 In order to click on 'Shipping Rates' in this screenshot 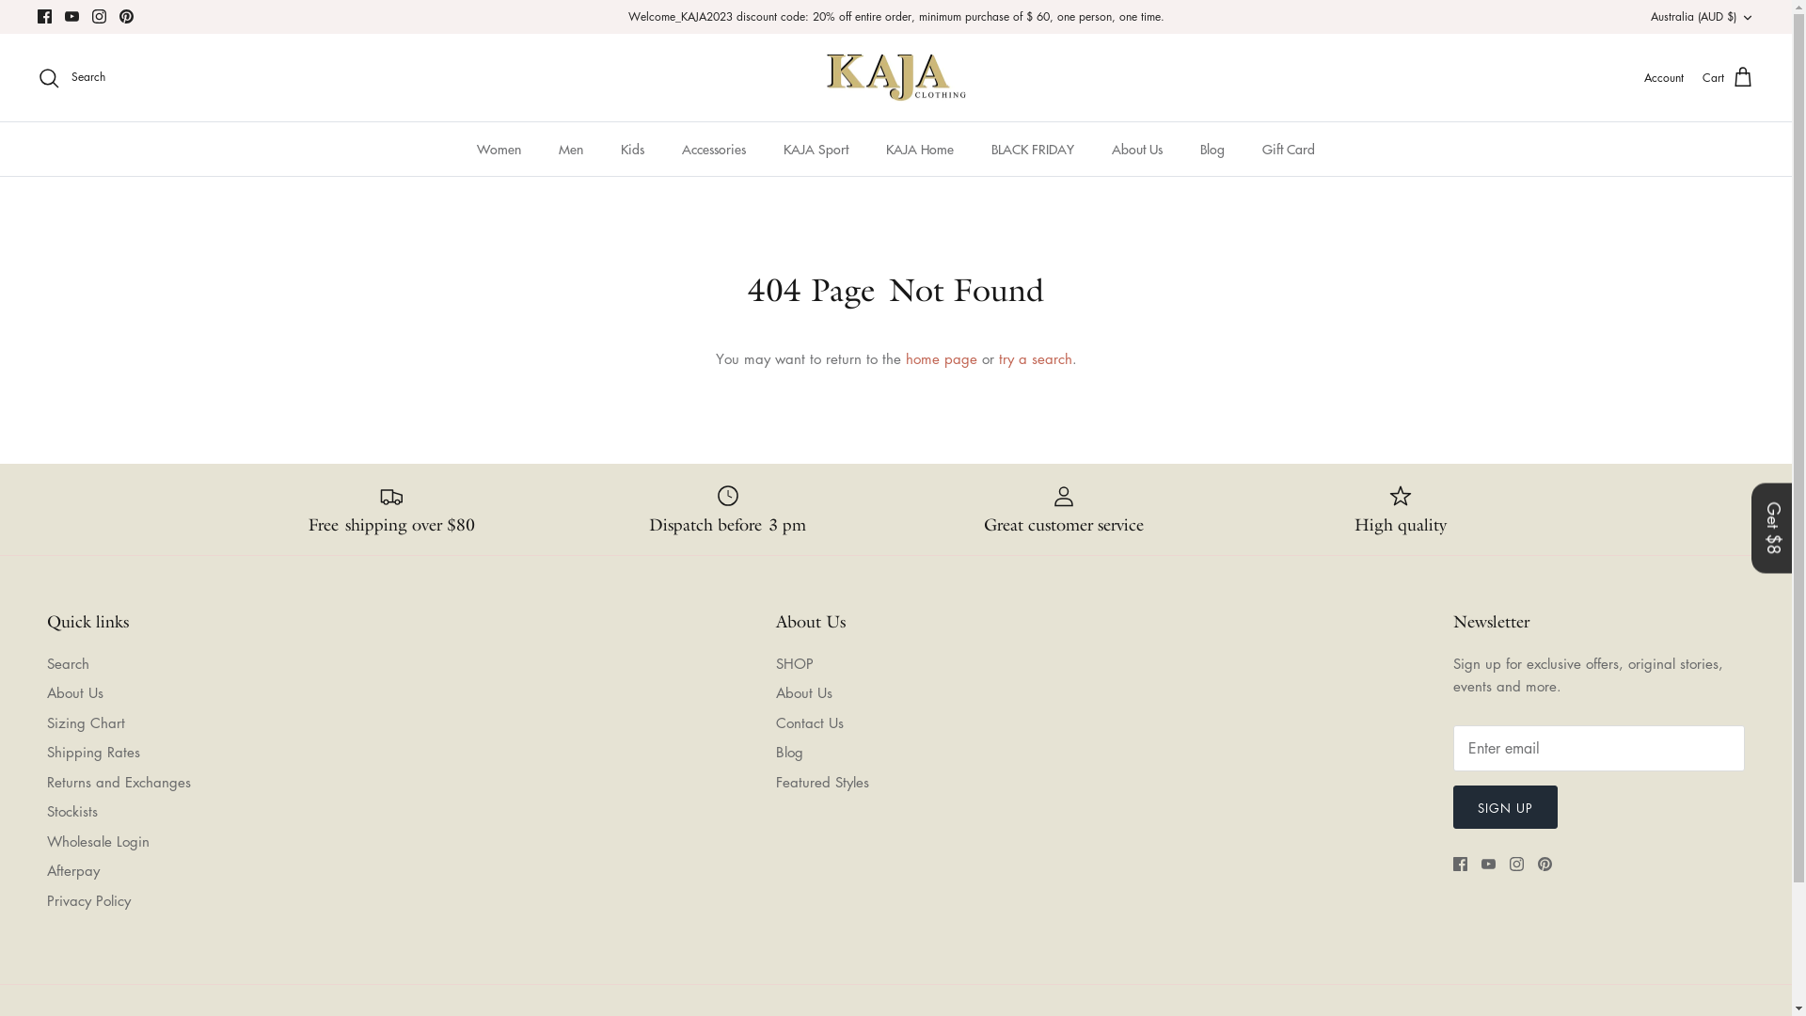, I will do `click(46, 750)`.